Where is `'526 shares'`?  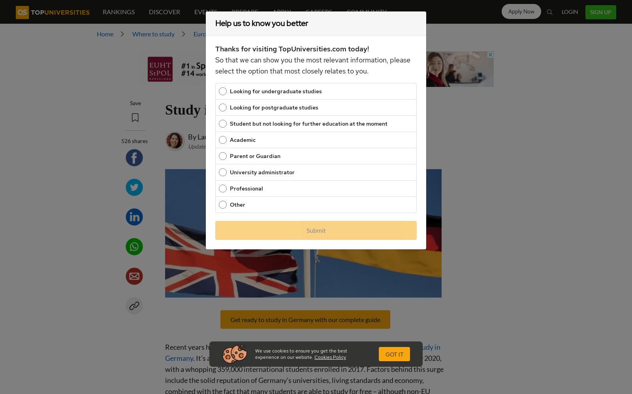 '526 shares' is located at coordinates (121, 140).